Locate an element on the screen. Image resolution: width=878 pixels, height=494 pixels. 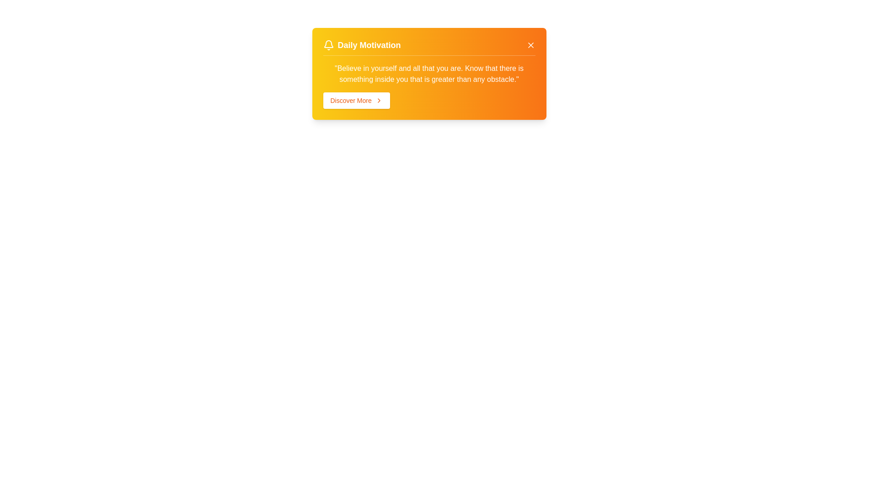
the close button to dismiss the alert is located at coordinates (530, 45).